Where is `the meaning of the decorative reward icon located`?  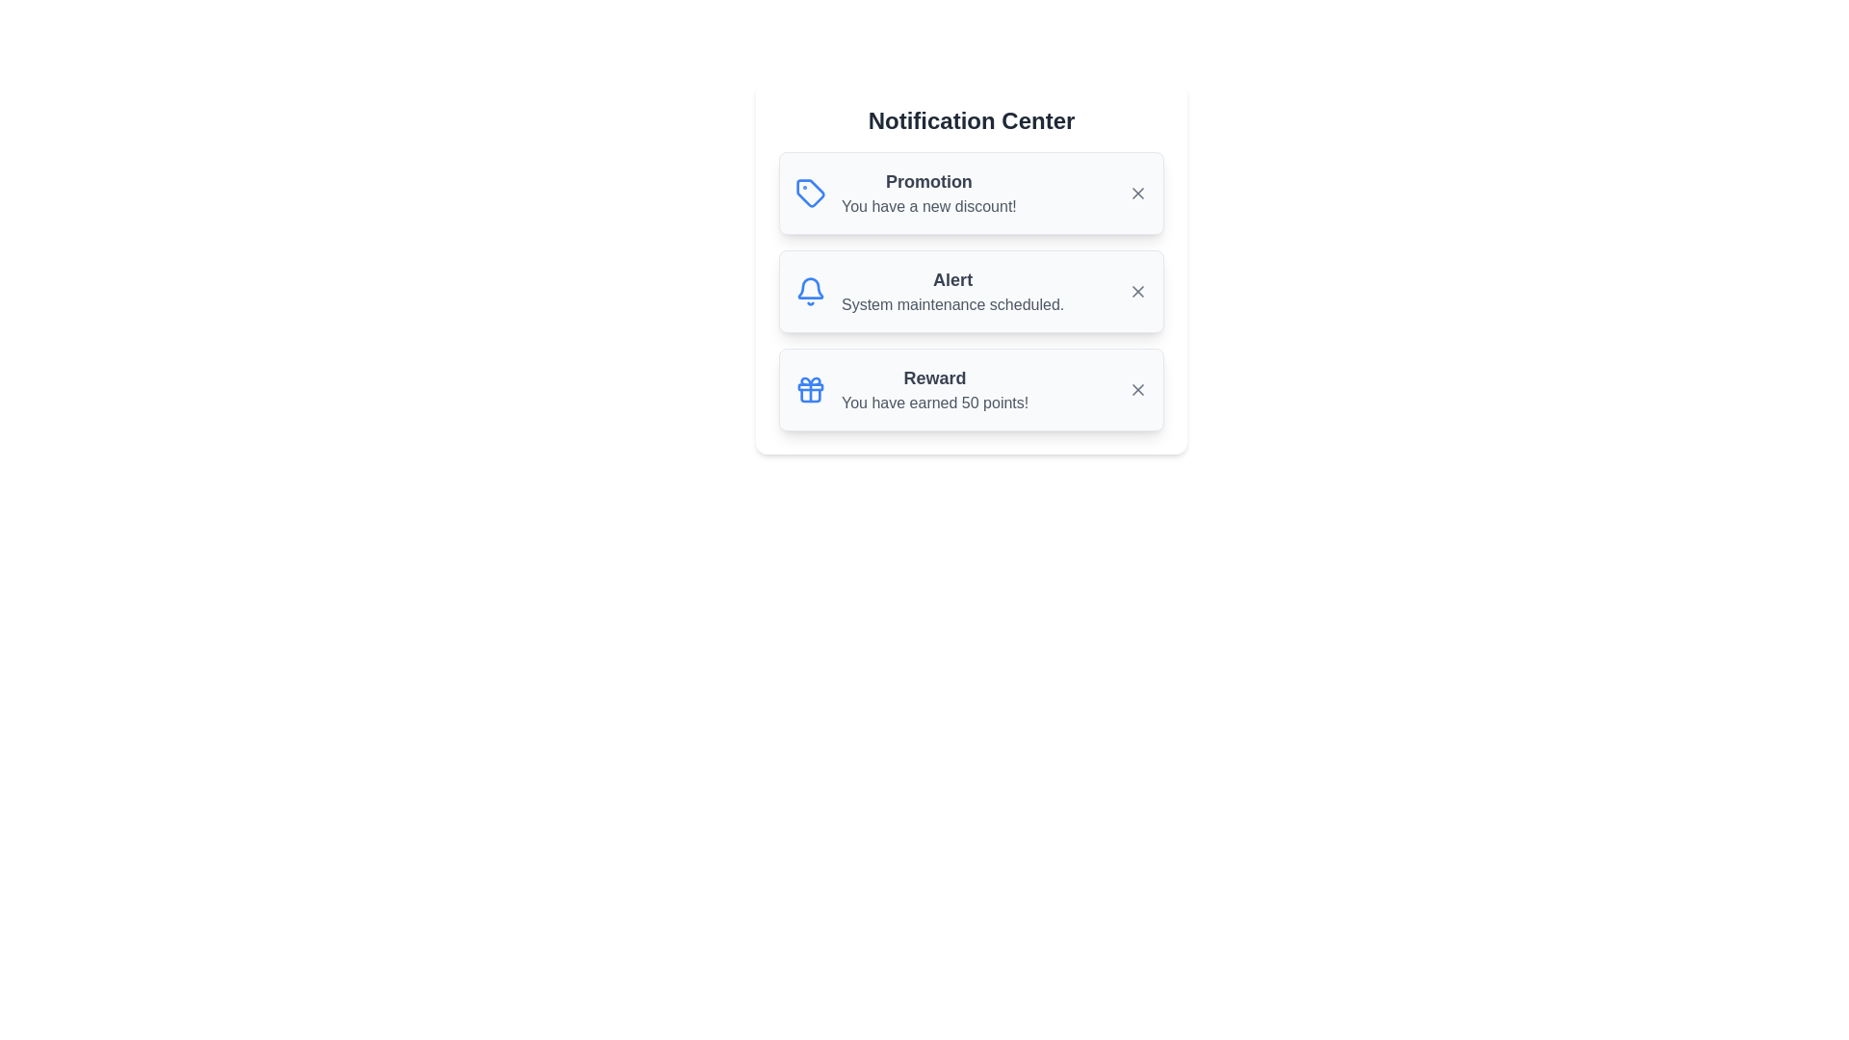 the meaning of the decorative reward icon located is located at coordinates (810, 390).